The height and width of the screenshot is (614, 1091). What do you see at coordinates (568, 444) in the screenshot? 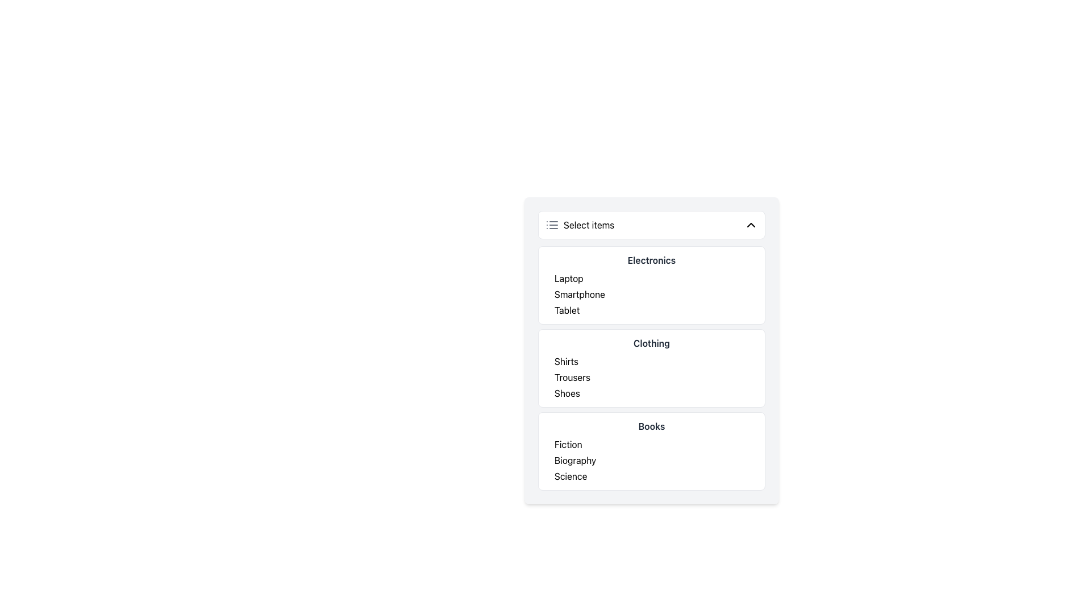
I see `the first text label in the 'Books' section of the dropdown menu` at bounding box center [568, 444].